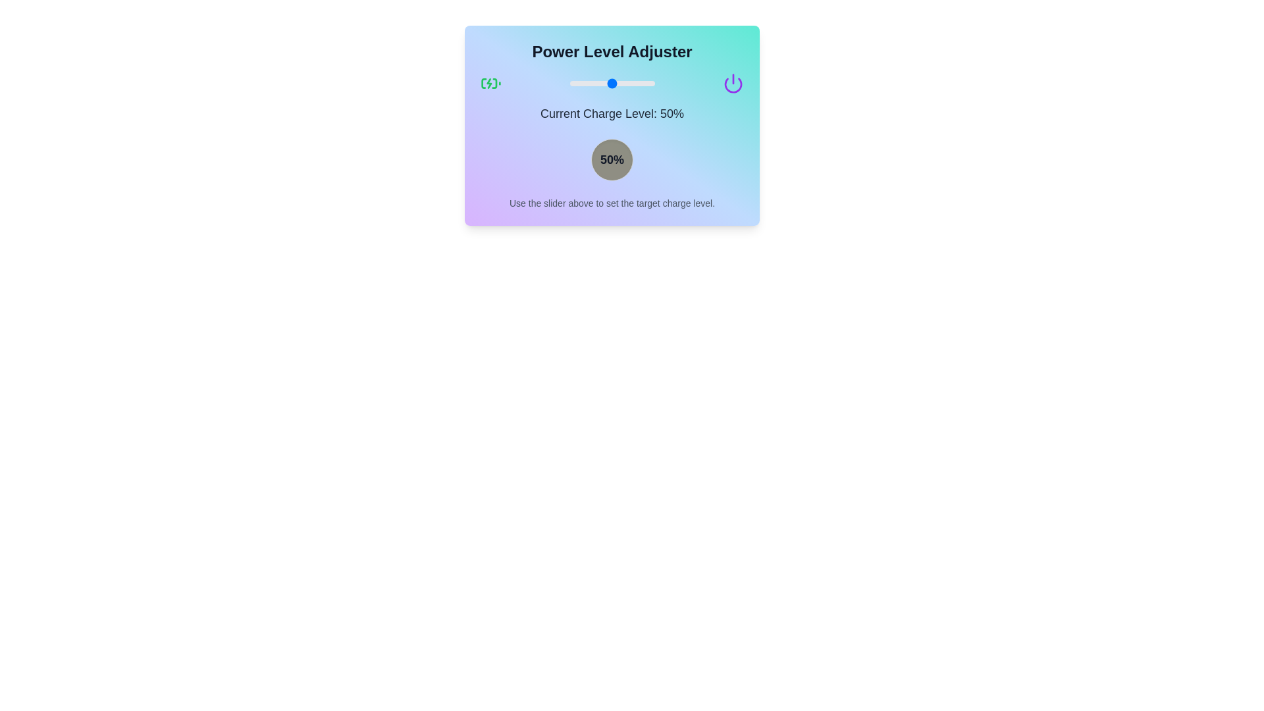 This screenshot has height=711, width=1264. Describe the element at coordinates (616, 84) in the screenshot. I see `the power level` at that location.